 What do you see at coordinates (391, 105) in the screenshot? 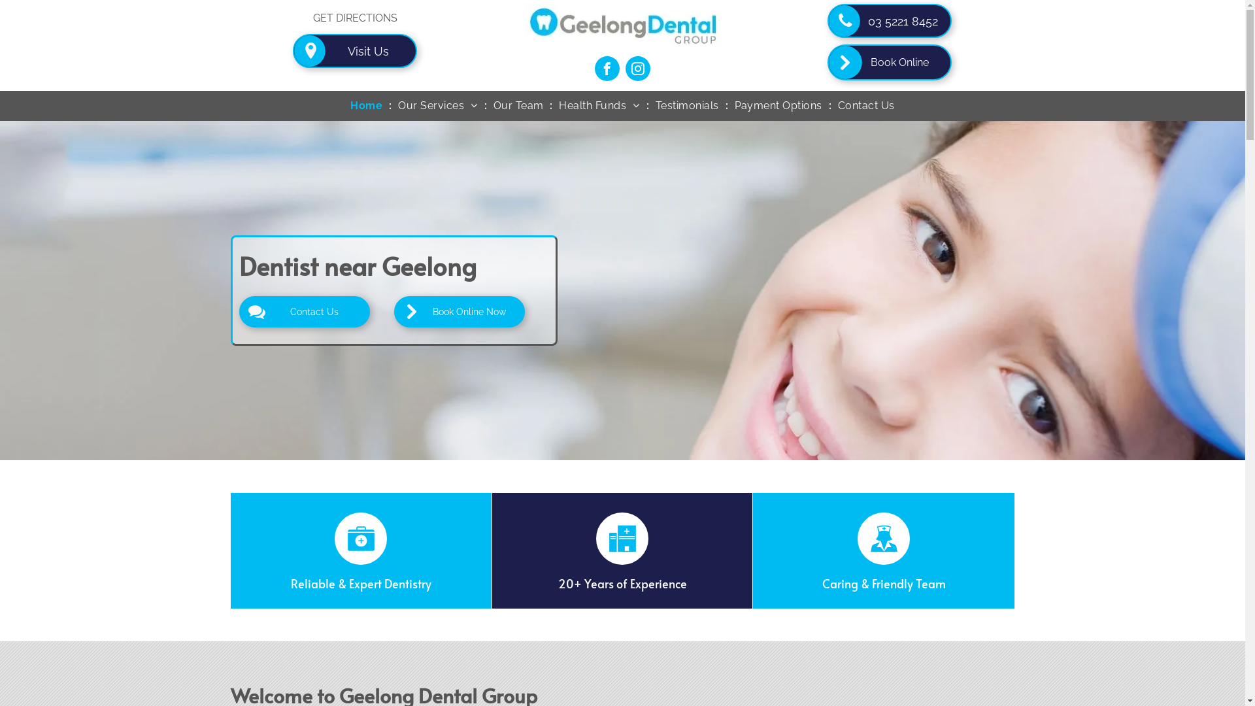
I see `'Our Services'` at bounding box center [391, 105].